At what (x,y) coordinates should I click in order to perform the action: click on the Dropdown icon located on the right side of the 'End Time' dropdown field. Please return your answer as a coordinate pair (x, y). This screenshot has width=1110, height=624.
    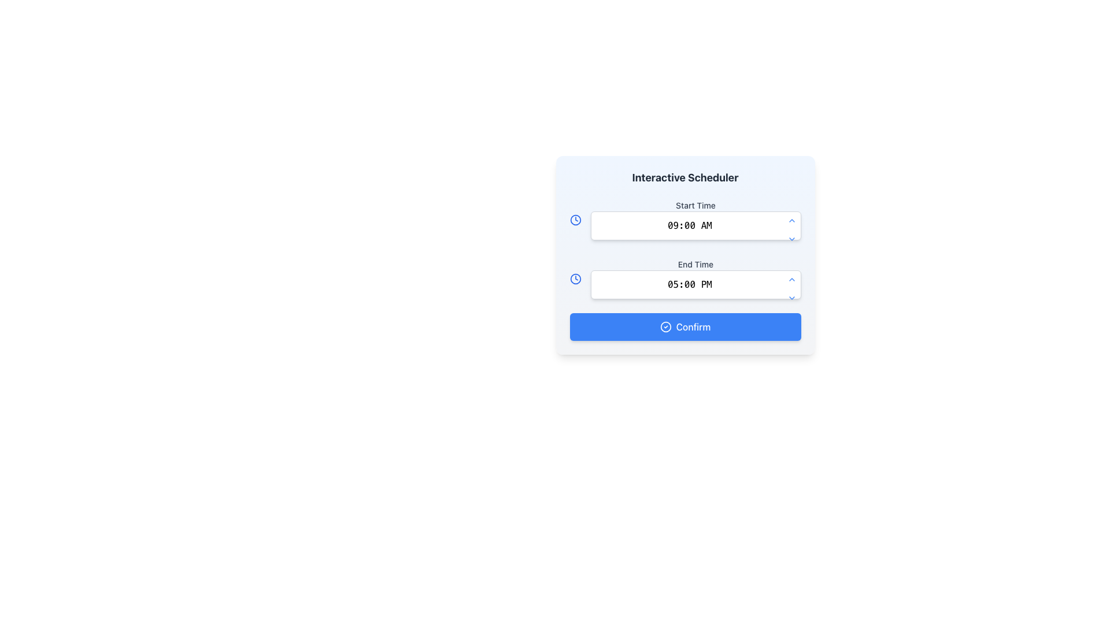
    Looking at the image, I should click on (791, 298).